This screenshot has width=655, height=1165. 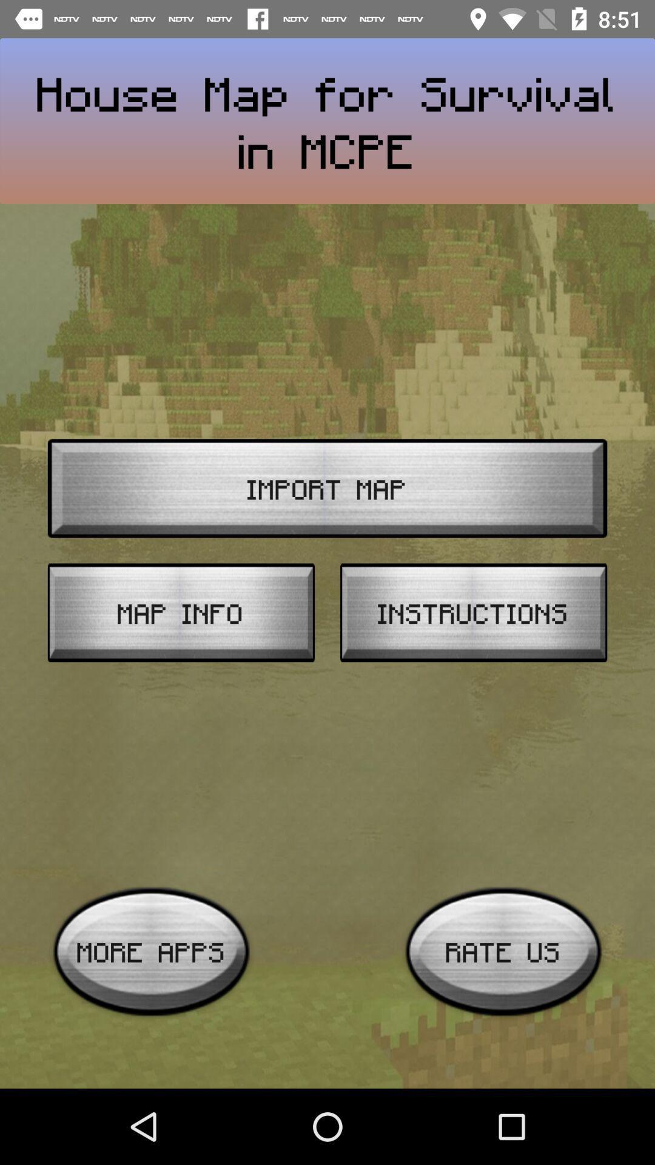 What do you see at coordinates (503, 951) in the screenshot?
I see `rate us item` at bounding box center [503, 951].